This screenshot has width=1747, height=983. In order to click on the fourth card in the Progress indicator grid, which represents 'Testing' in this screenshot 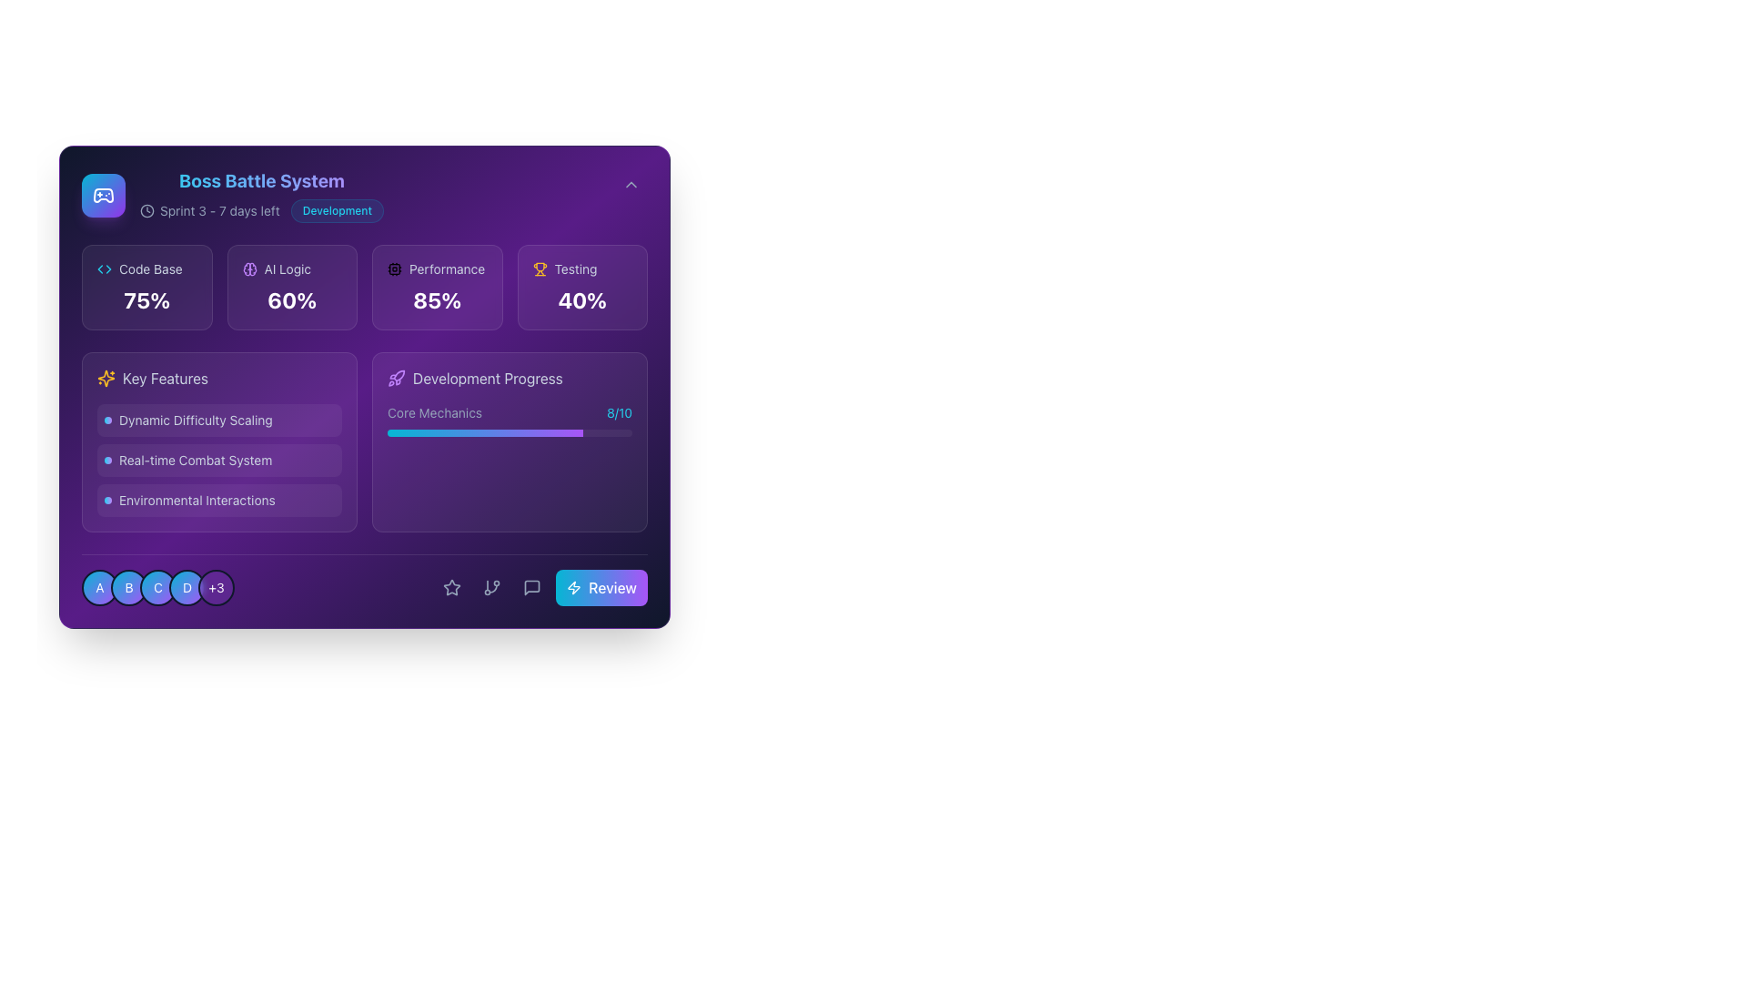, I will do `click(364, 287)`.